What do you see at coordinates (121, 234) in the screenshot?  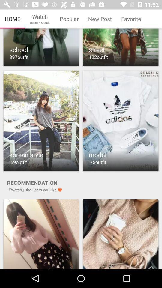 I see `the selected image` at bounding box center [121, 234].